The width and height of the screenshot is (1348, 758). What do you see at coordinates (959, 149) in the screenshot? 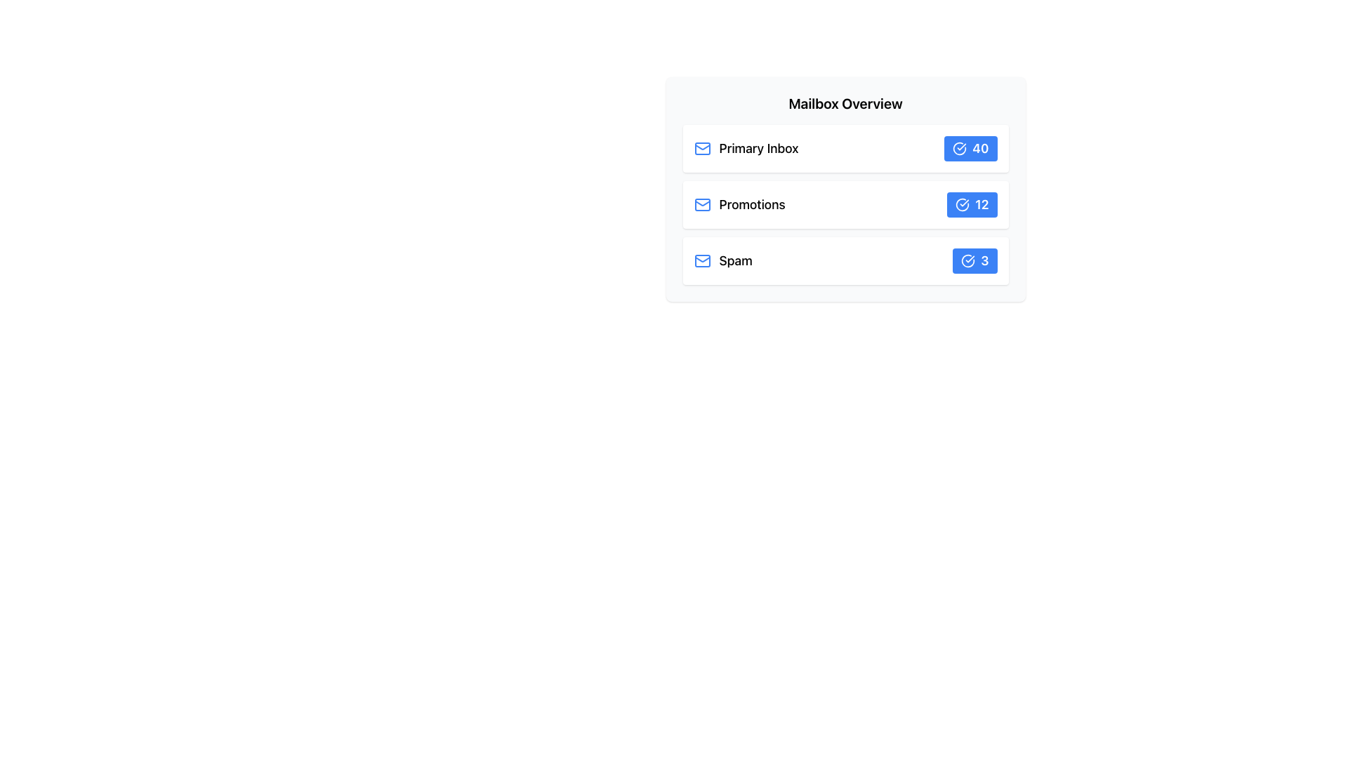
I see `the circular icon component located within the topmost blue box of the 'Primary Inbox' section in the 'Mailbox Overview' interface` at bounding box center [959, 149].